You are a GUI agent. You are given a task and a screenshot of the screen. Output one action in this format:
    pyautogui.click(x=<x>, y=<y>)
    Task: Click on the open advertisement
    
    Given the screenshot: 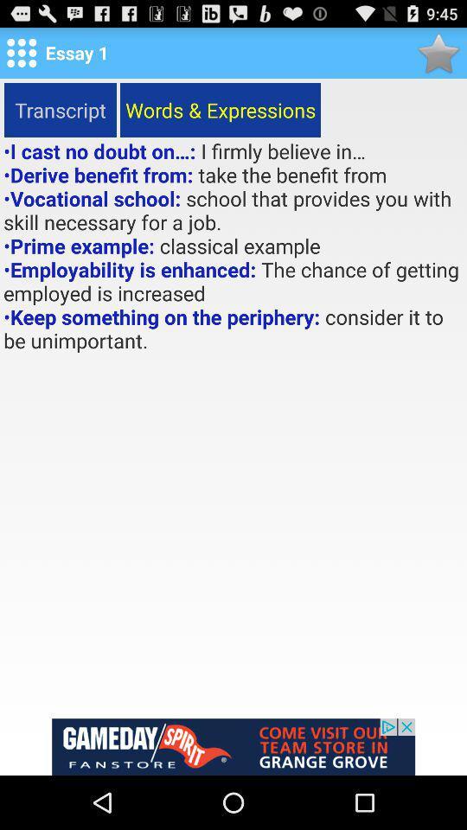 What is the action you would take?
    pyautogui.click(x=233, y=746)
    